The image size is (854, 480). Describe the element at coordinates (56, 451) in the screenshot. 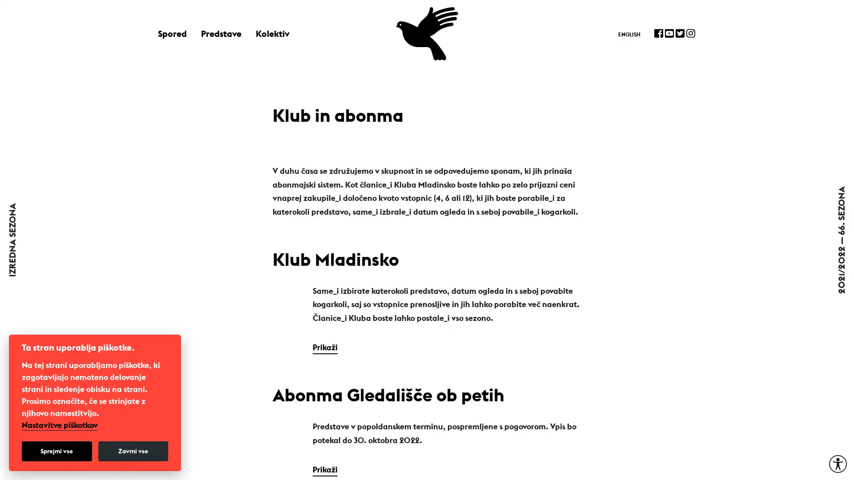

I see `Sprejmi vse` at that location.